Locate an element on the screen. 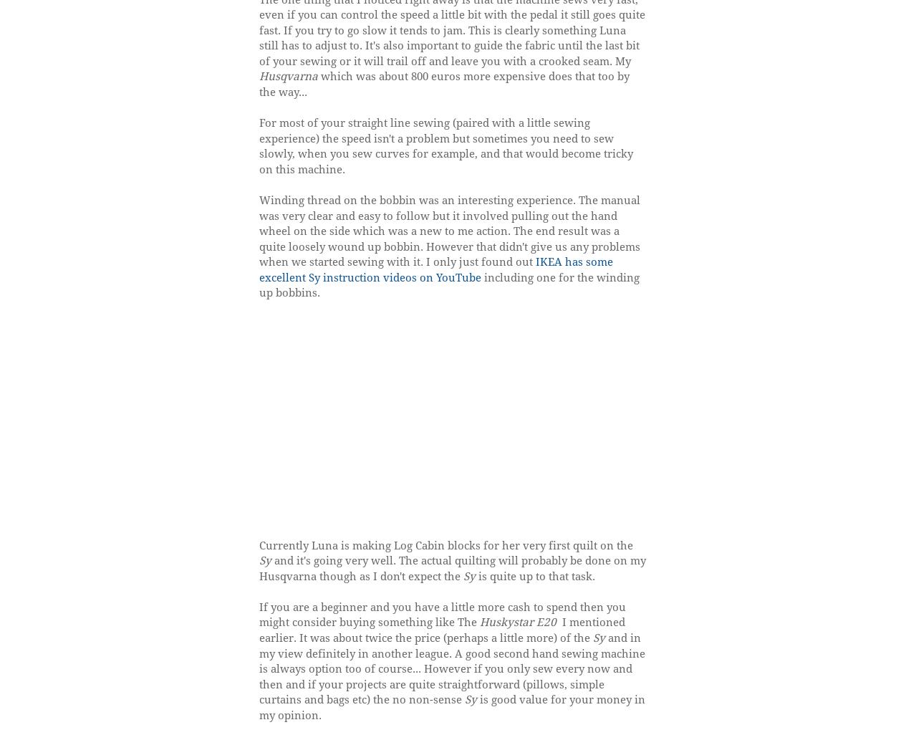  'IKEA has some excellent Sy instruction videos on YouTube' is located at coordinates (435, 269).